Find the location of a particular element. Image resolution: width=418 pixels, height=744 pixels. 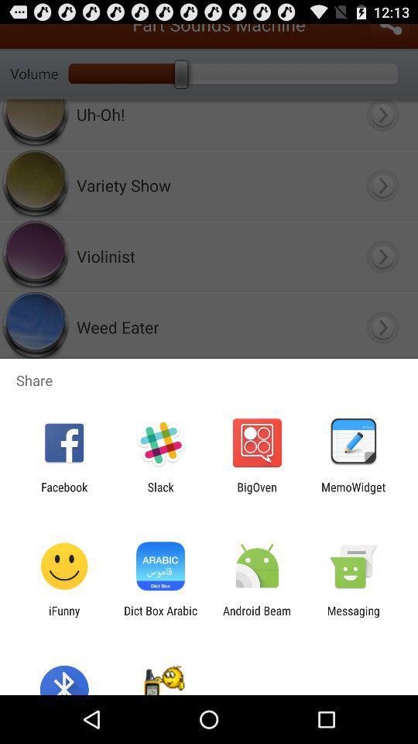

the facebook icon is located at coordinates (63, 493).